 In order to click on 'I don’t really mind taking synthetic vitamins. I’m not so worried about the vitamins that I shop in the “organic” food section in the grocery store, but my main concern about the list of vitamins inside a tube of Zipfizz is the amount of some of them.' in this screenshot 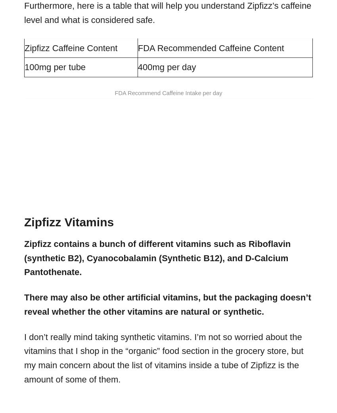, I will do `click(164, 357)`.